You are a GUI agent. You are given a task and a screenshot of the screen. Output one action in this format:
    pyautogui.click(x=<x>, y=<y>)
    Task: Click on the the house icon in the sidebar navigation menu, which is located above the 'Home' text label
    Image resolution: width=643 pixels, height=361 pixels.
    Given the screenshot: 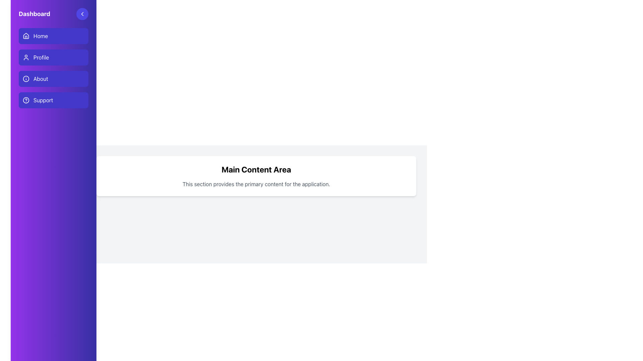 What is the action you would take?
    pyautogui.click(x=26, y=36)
    